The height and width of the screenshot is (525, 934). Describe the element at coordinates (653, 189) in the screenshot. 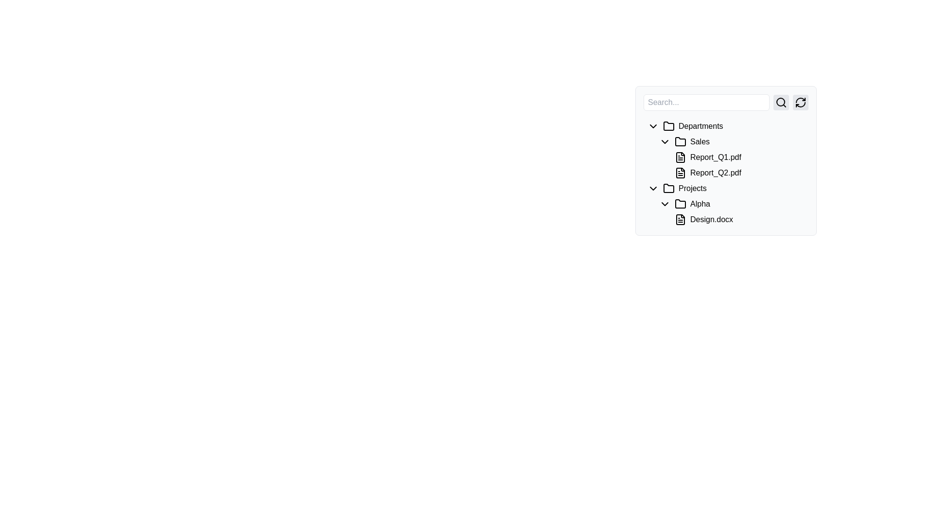

I see `the downward-facing chevron icon` at that location.